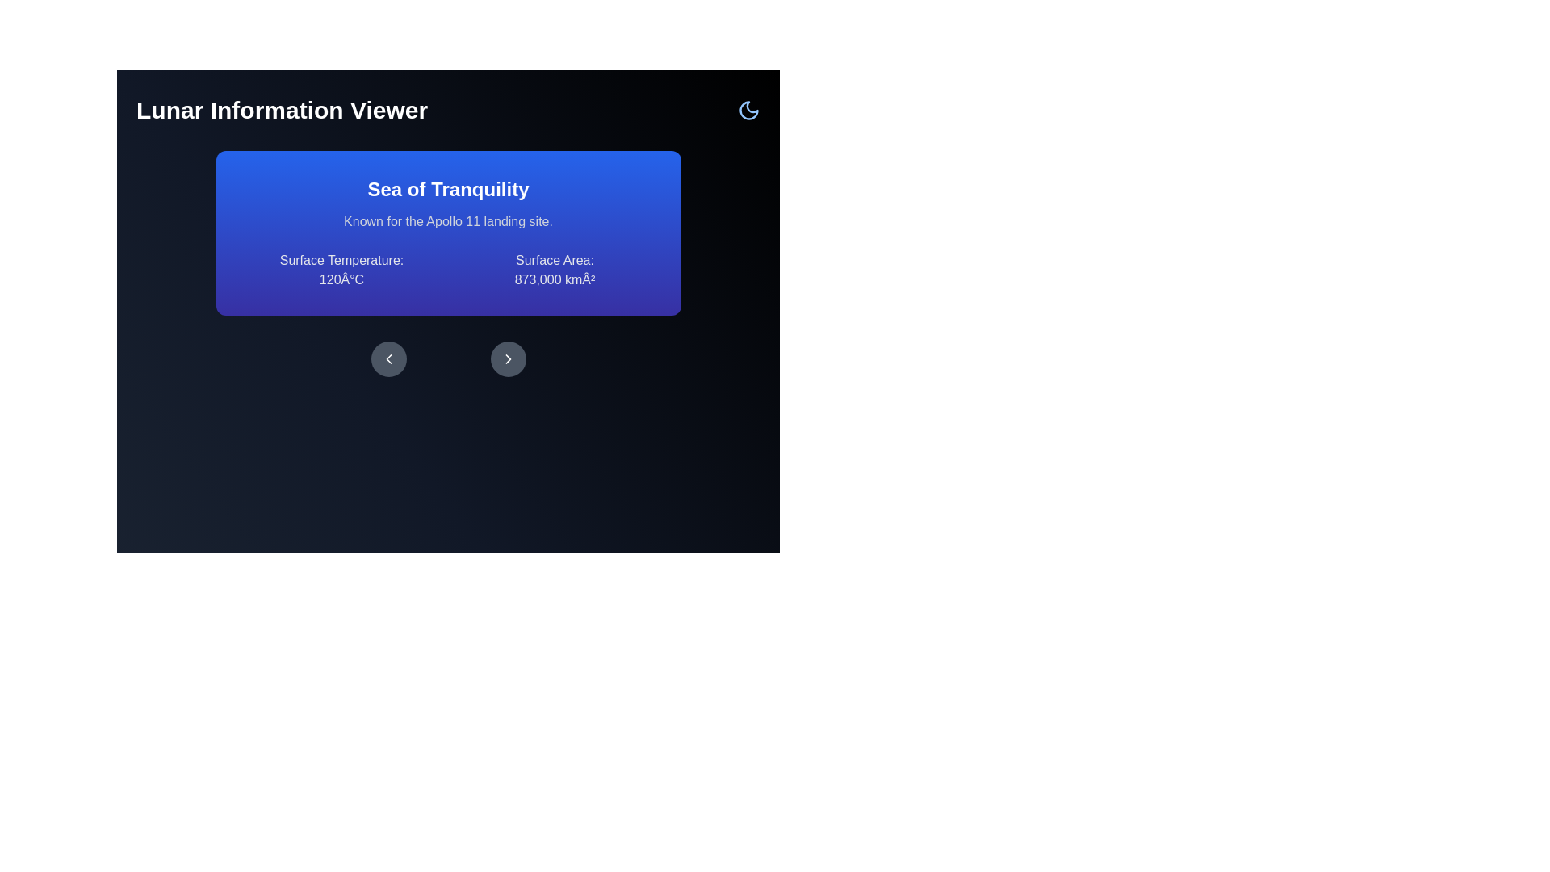  Describe the element at coordinates (448, 189) in the screenshot. I see `the title text label at the top of the information card, which serves as an identifier for the card's content` at that location.